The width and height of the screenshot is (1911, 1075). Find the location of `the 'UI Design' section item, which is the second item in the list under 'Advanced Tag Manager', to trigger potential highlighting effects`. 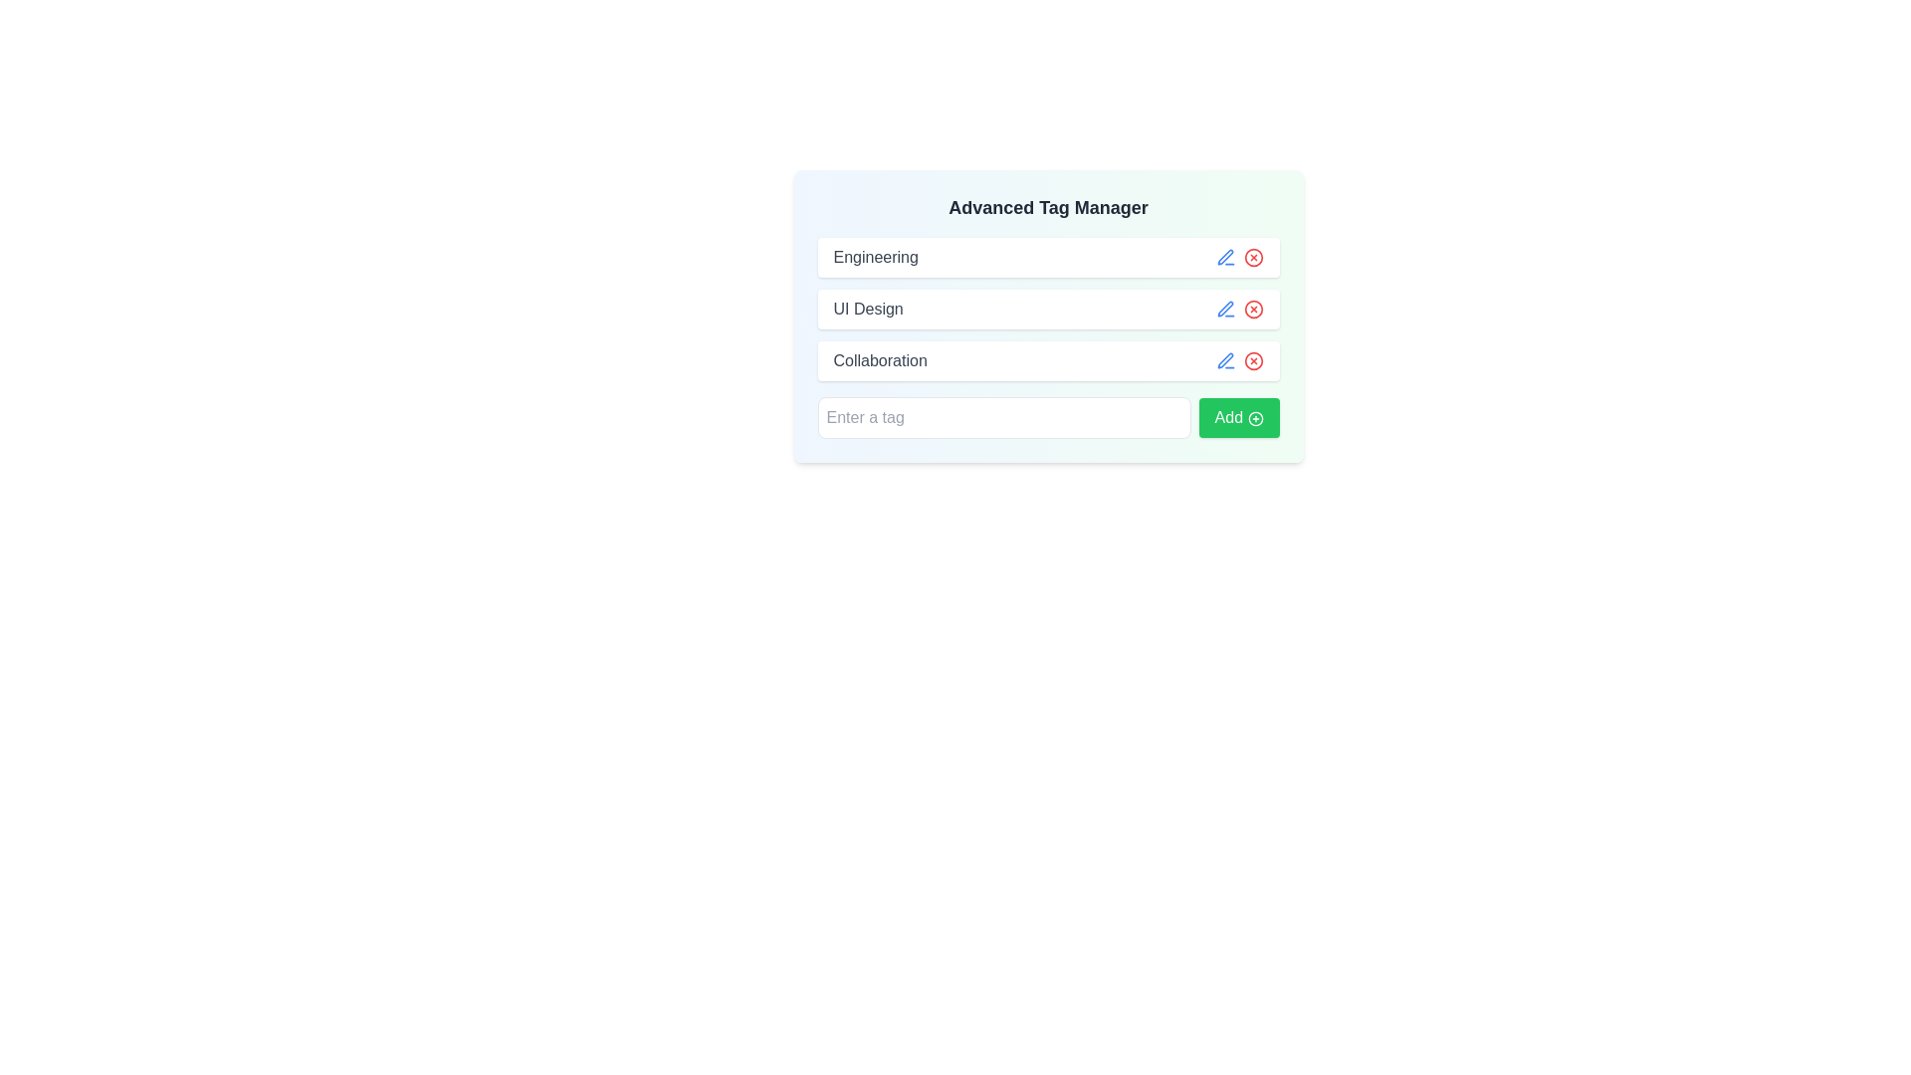

the 'UI Design' section item, which is the second item in the list under 'Advanced Tag Manager', to trigger potential highlighting effects is located at coordinates (1047, 310).